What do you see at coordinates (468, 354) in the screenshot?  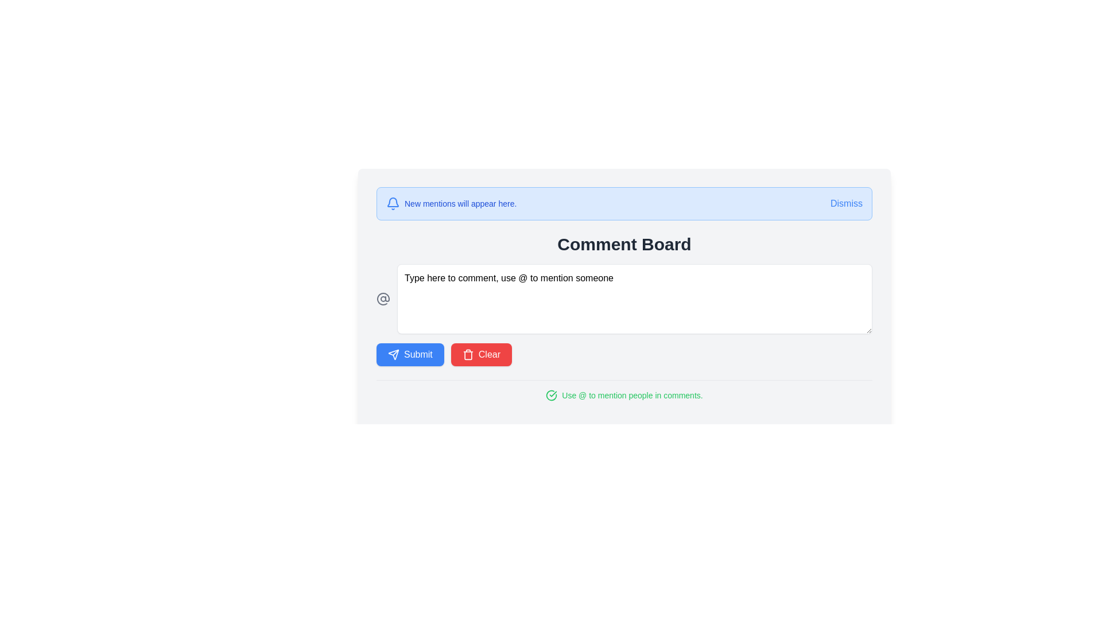 I see `the trash icon located to the left of the 'Clear' button, which is below the text input field and to the right of the 'Submit' button` at bounding box center [468, 354].